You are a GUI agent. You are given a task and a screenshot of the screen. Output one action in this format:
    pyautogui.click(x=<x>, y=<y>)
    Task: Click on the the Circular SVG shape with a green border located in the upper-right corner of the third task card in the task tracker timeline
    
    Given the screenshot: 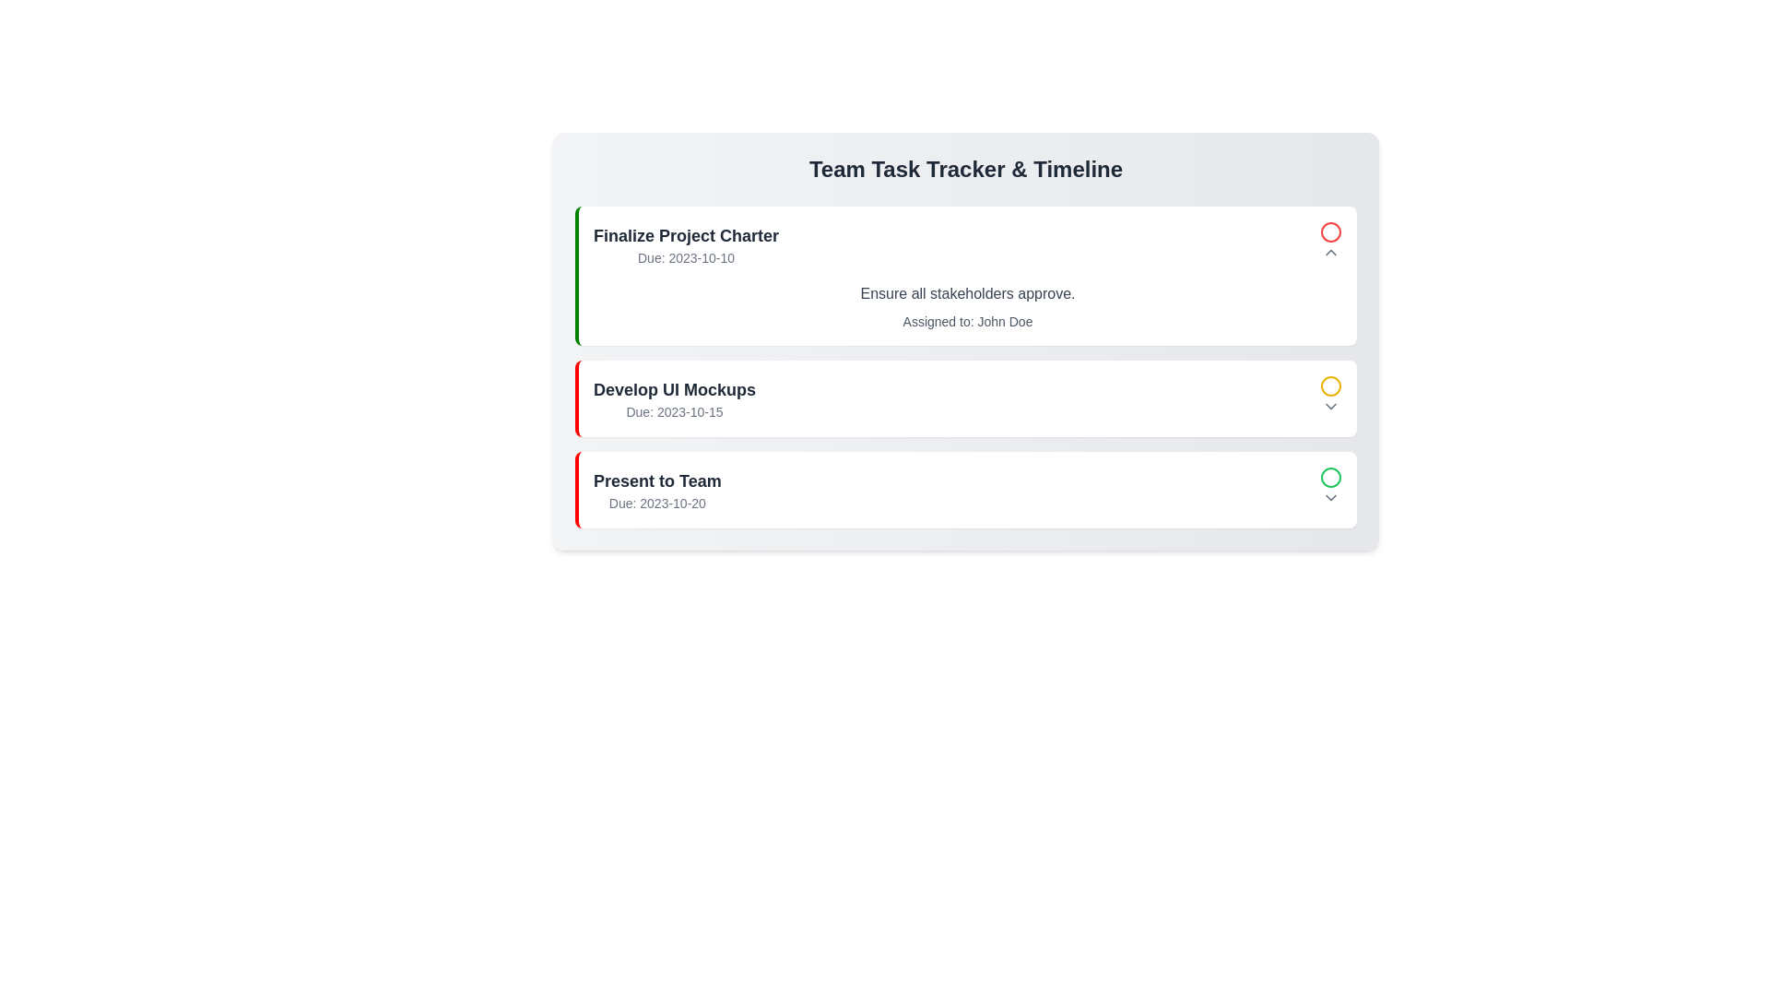 What is the action you would take?
    pyautogui.click(x=1331, y=476)
    